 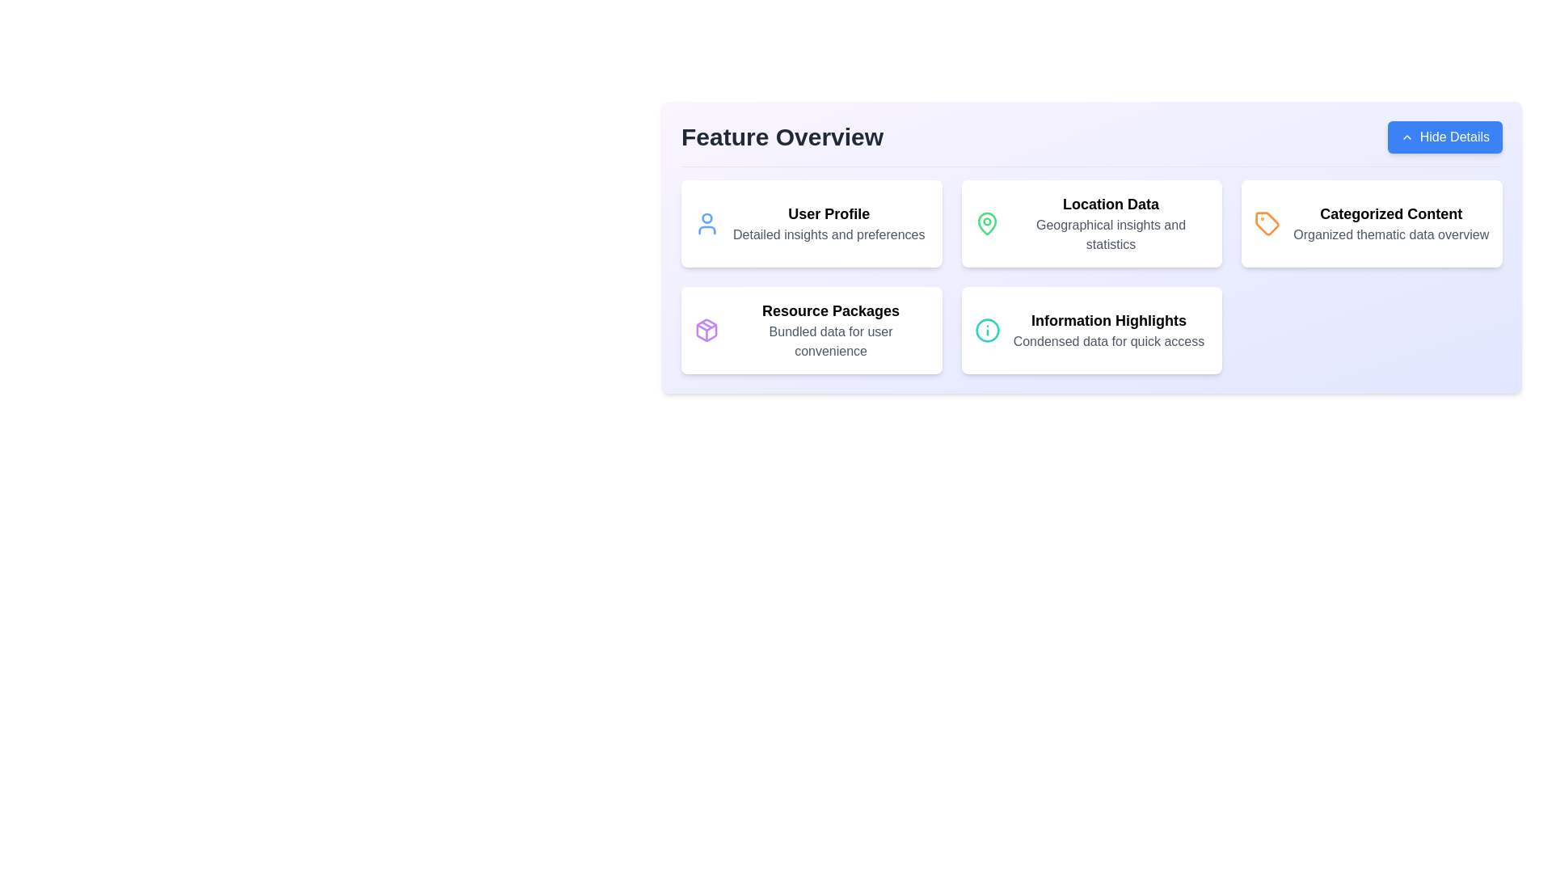 What do you see at coordinates (830, 329) in the screenshot?
I see `the text display element with the heading 'Resource Packages' and subtitle 'Bundled data for user convenience', located in the third panel of the second row in the grid layout` at bounding box center [830, 329].